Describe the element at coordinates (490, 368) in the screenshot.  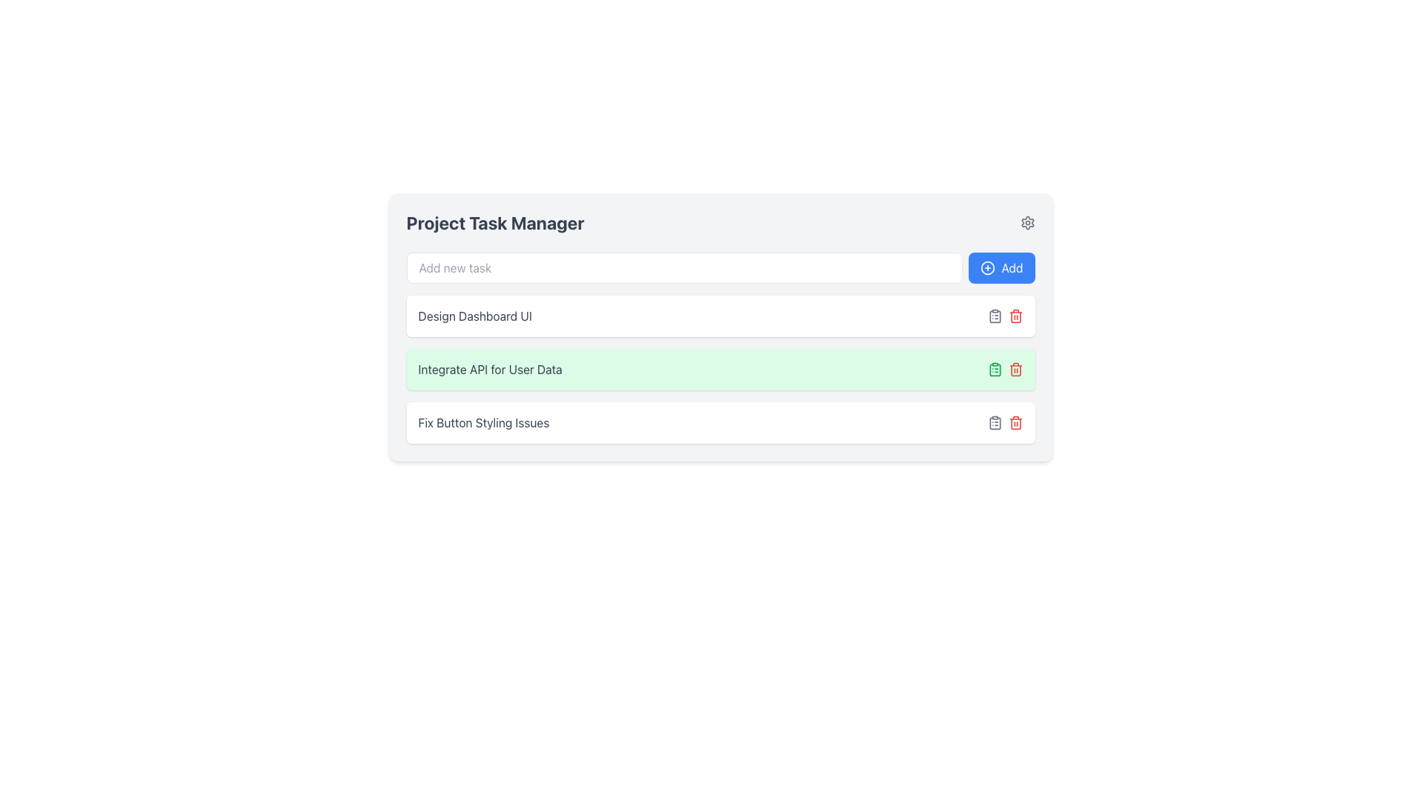
I see `text displayed in the second task entry of the 'Project Task Manager' interface, which provides information about the task's content or purpose` at that location.